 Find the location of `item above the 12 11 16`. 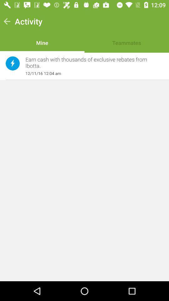

item above the 12 11 16 is located at coordinates (91, 63).